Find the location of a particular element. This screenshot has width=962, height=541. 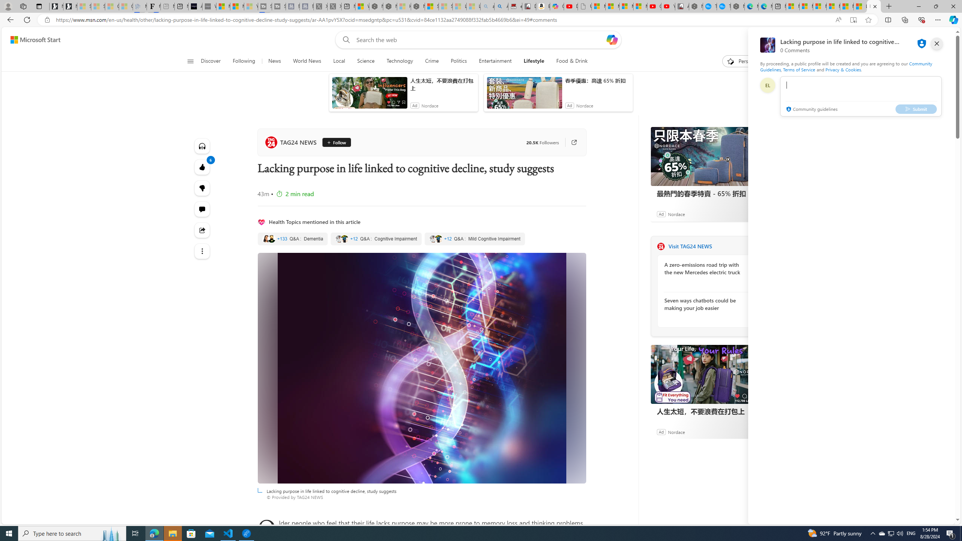

'Crime' is located at coordinates (432, 61).